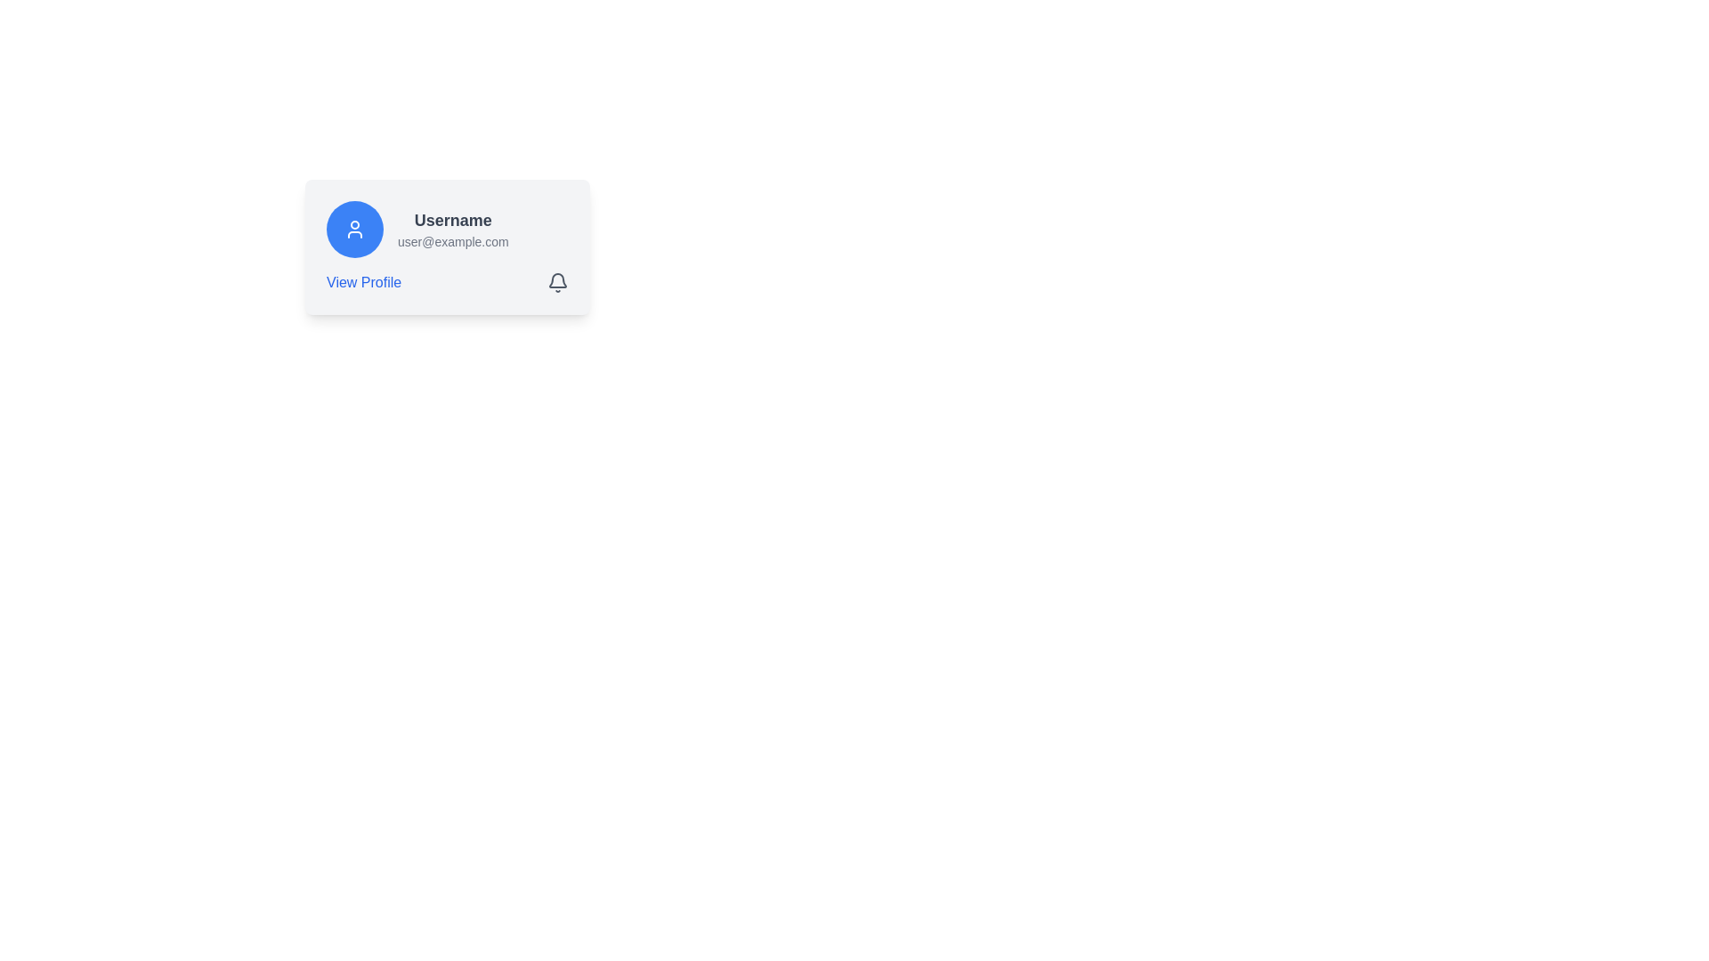 Image resolution: width=1709 pixels, height=961 pixels. I want to click on the user icon represented within a rounded blue button, located towards the left of a user card that includes username and email text elements, so click(354, 229).